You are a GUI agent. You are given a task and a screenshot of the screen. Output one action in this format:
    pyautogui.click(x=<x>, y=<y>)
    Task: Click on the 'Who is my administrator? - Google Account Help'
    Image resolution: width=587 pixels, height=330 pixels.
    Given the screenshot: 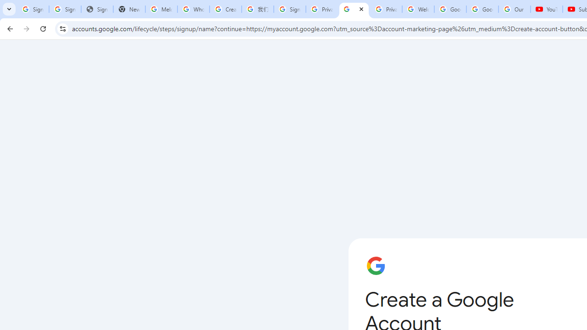 What is the action you would take?
    pyautogui.click(x=193, y=9)
    